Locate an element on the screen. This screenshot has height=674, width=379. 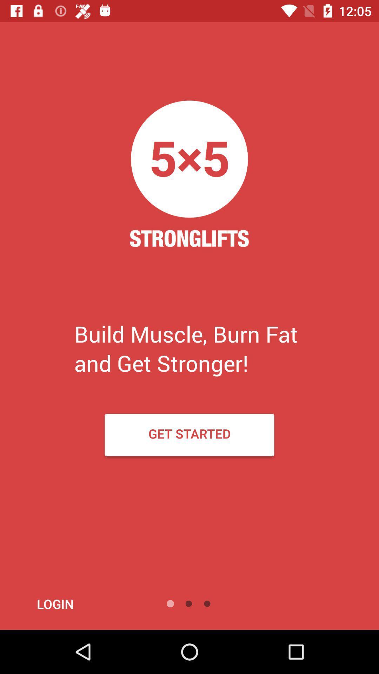
item below build muscle burn icon is located at coordinates (189, 435).